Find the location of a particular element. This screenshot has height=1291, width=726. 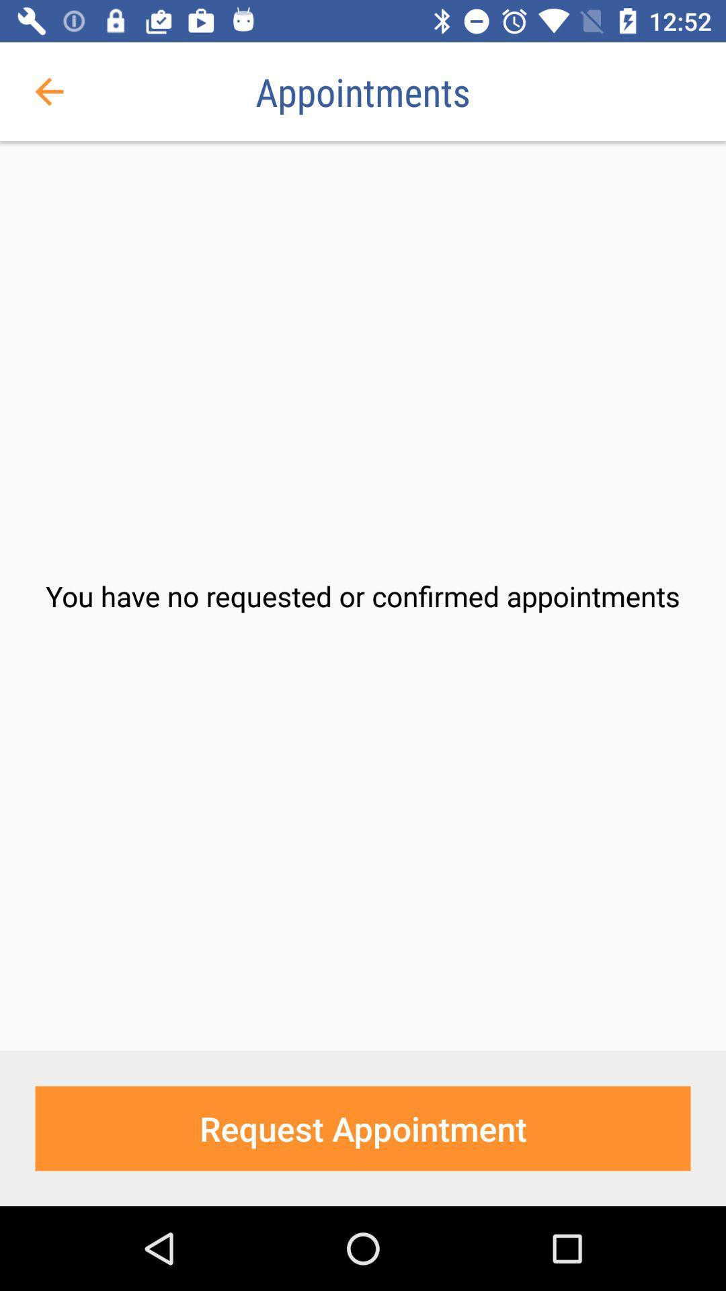

request appointment icon is located at coordinates (363, 1128).